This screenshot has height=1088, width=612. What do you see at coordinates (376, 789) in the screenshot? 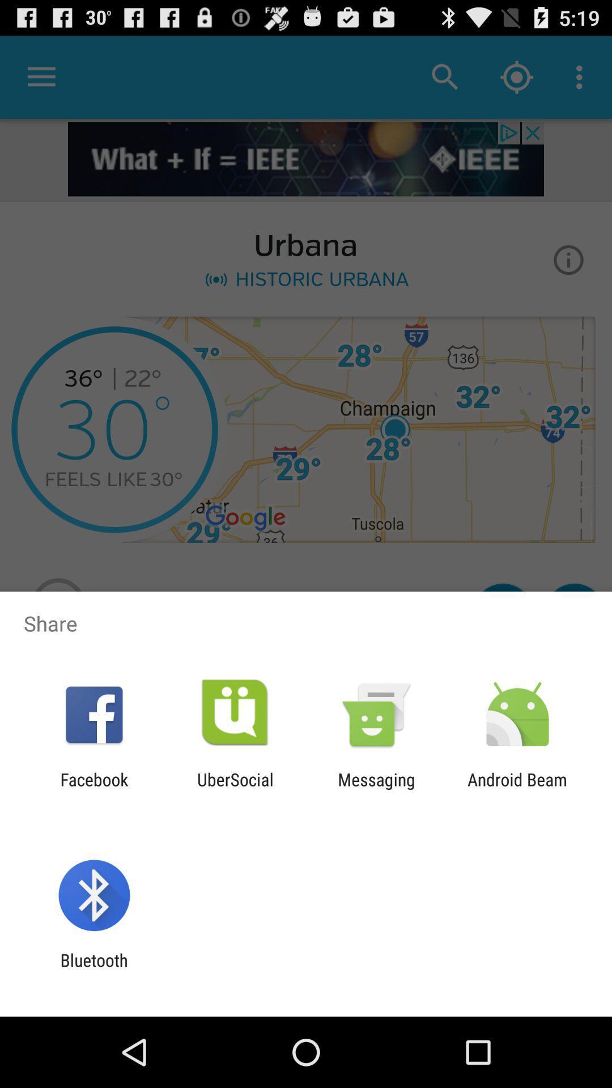
I see `the messaging app` at bounding box center [376, 789].